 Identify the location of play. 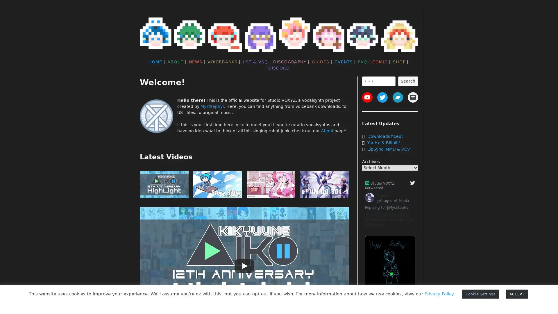
(324, 186).